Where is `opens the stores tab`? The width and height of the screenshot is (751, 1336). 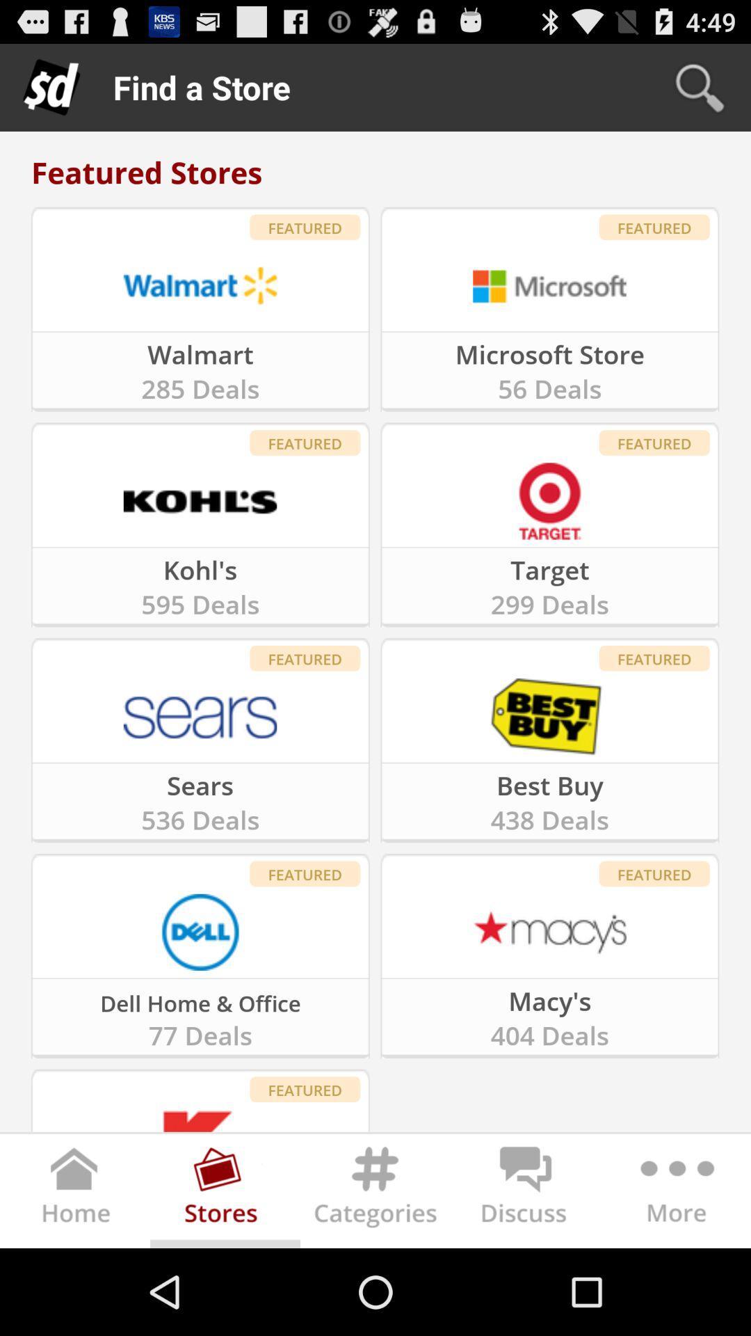
opens the stores tab is located at coordinates (225, 1193).